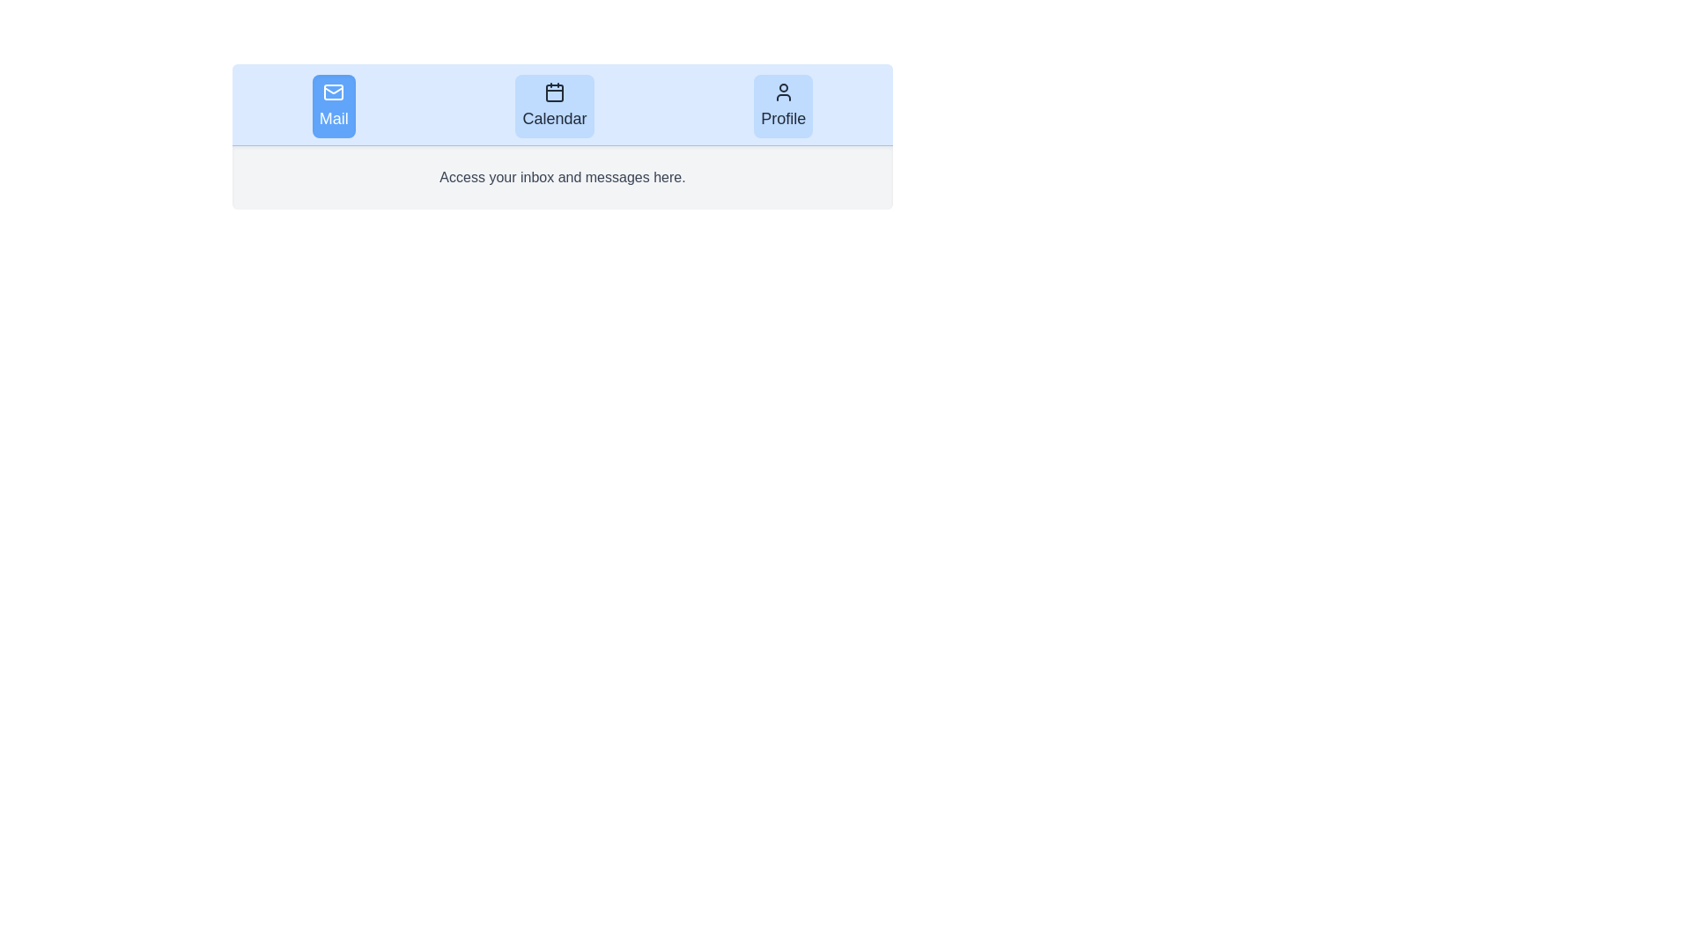  What do you see at coordinates (553, 106) in the screenshot?
I see `the Calendar tab to view its content` at bounding box center [553, 106].